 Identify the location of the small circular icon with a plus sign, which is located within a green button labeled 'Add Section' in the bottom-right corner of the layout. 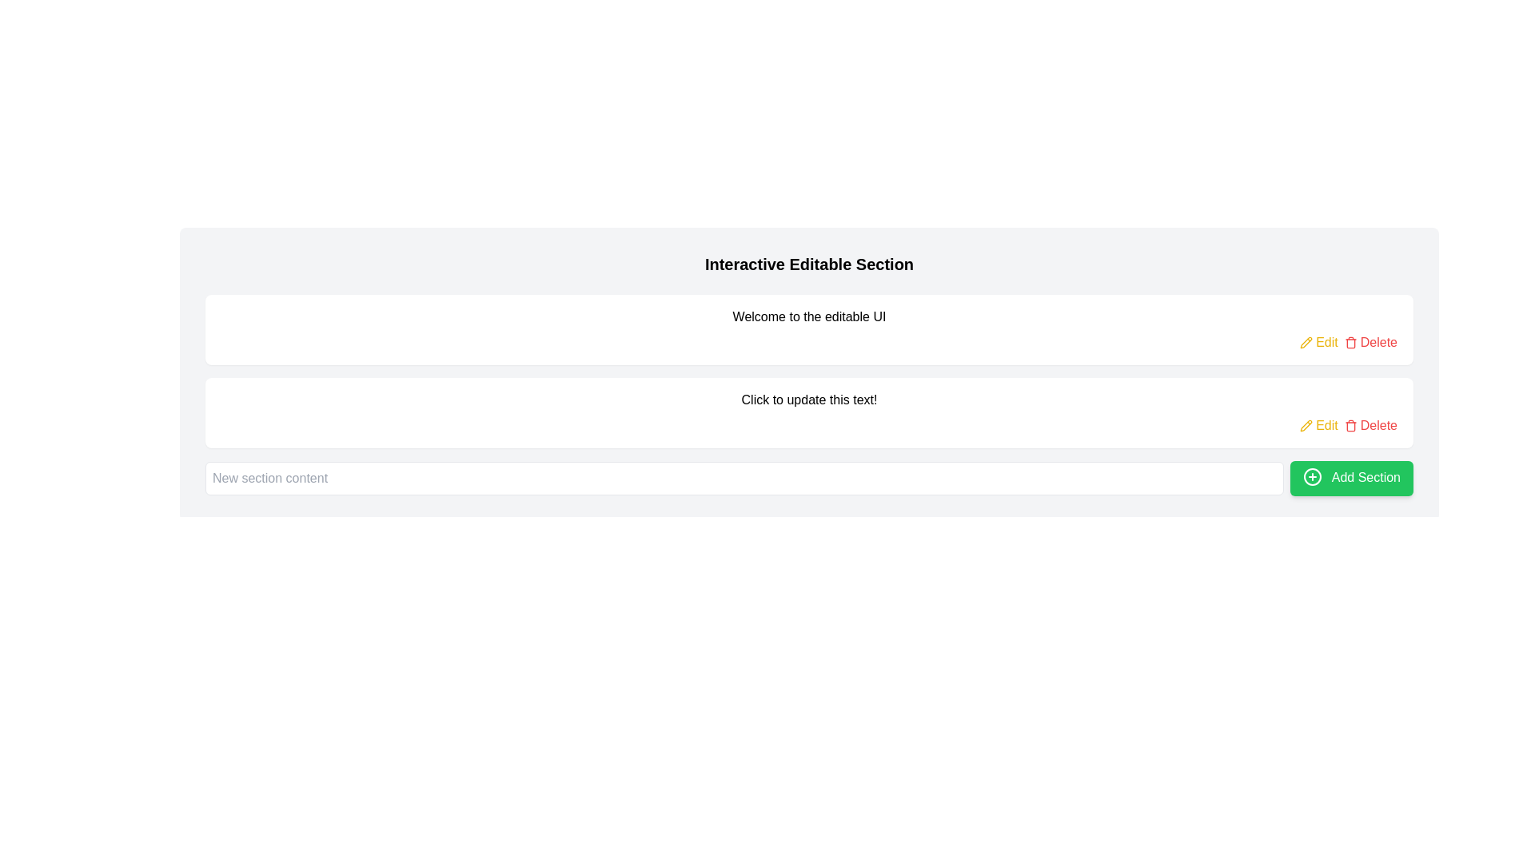
(1313, 476).